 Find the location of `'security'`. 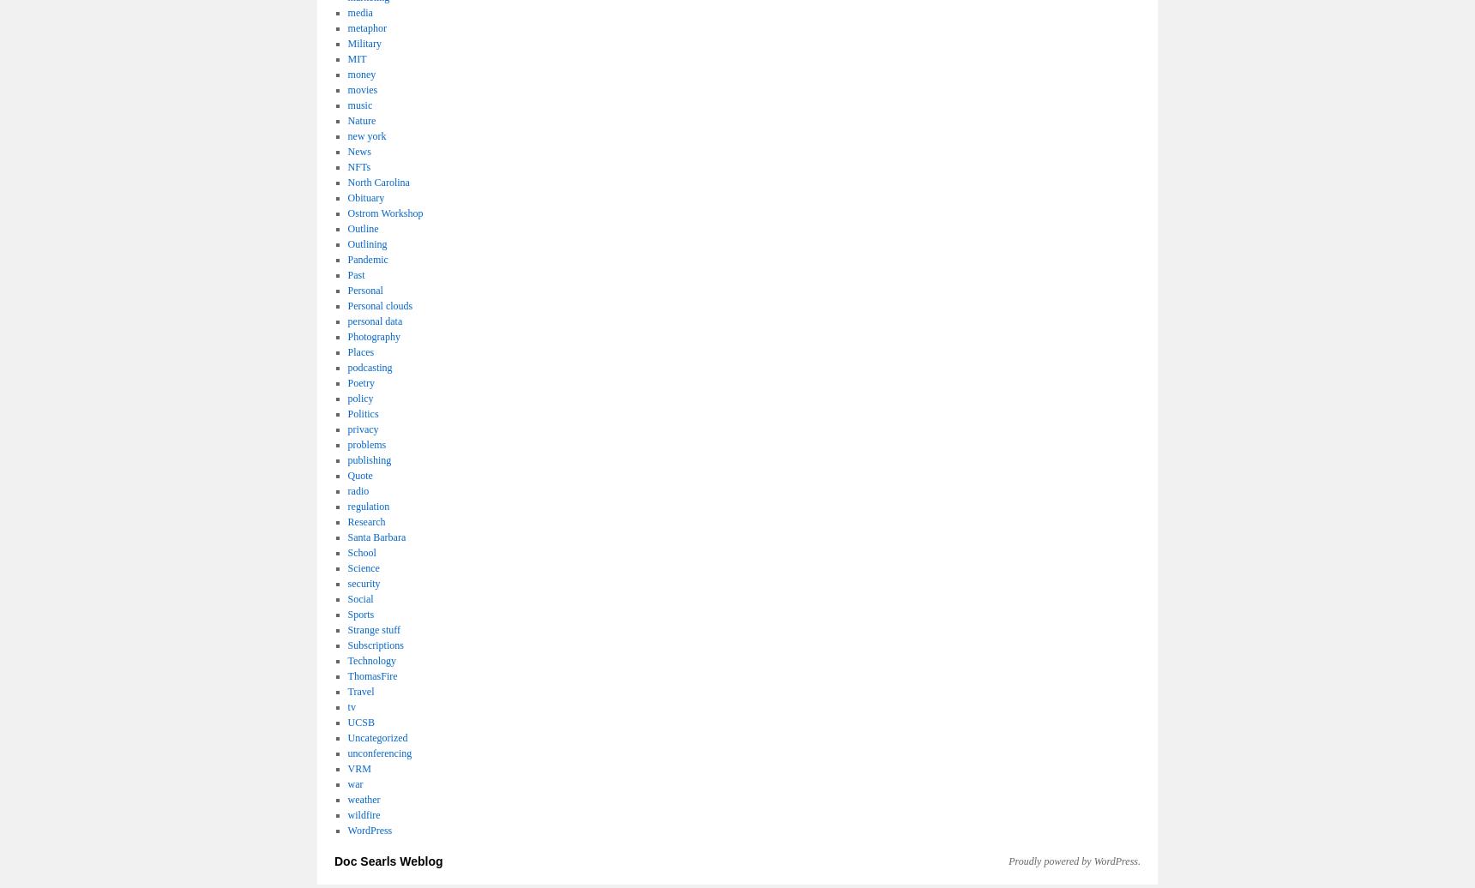

'security' is located at coordinates (363, 583).